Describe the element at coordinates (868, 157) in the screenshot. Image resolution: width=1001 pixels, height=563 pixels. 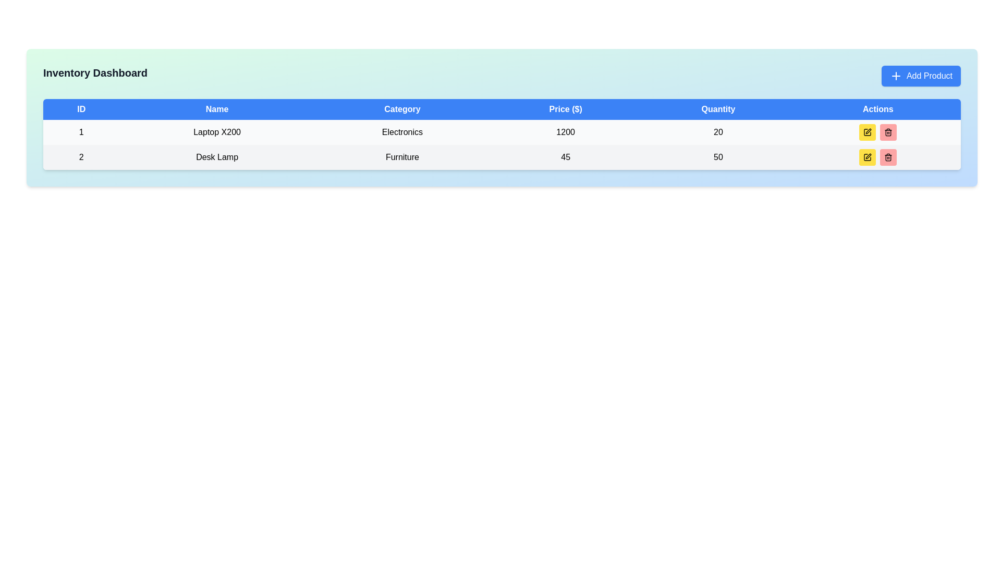
I see `the yellow rounded rectangular button with a black pen icon in the 'Actions' column, second row for the 'Desk Lamp' item` at that location.